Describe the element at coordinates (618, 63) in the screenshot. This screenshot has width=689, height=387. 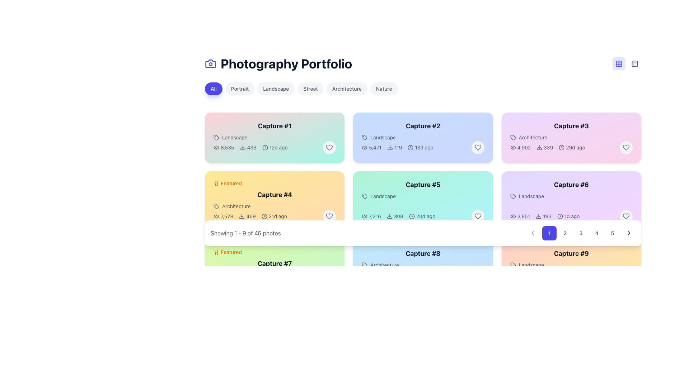
I see `the square button with rounded corners featuring a grid icon at its center to switch to grid view` at that location.